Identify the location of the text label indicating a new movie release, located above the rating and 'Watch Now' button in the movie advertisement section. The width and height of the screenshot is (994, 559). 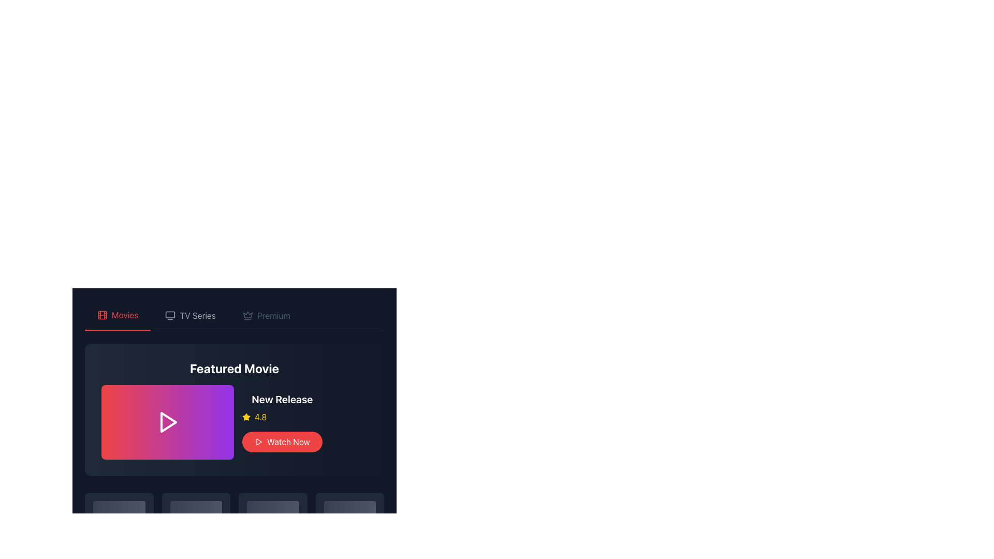
(282, 399).